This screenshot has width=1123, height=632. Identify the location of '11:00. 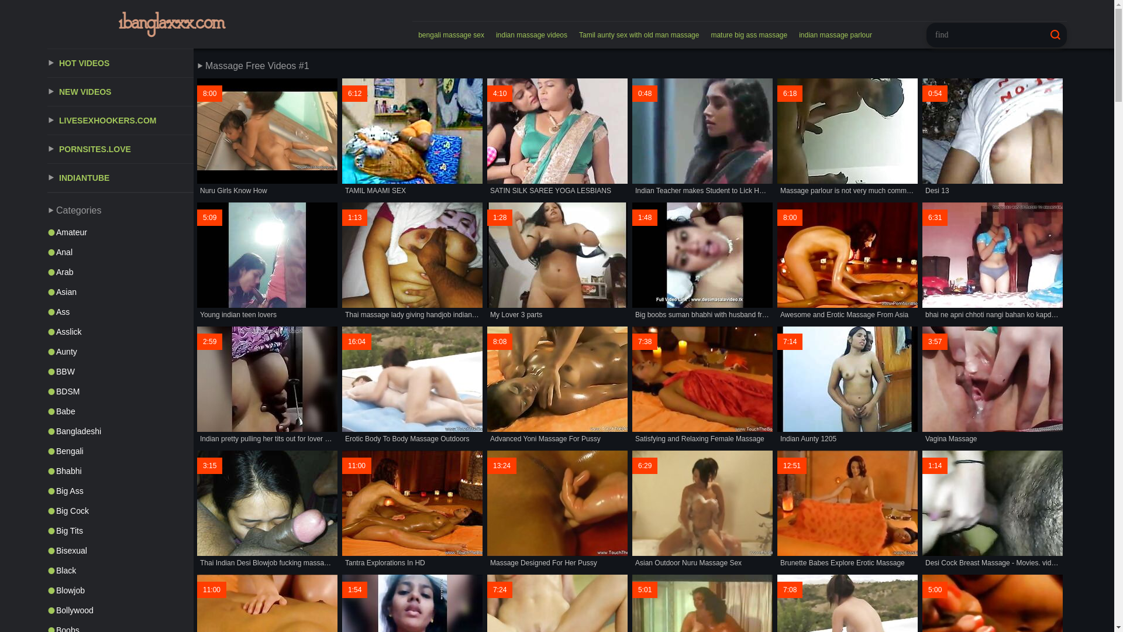
(412, 509).